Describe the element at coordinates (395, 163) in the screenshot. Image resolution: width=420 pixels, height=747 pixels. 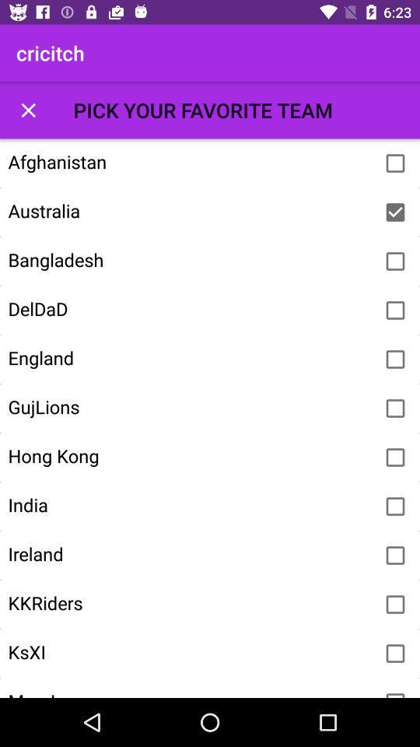
I see `check box for selection` at that location.